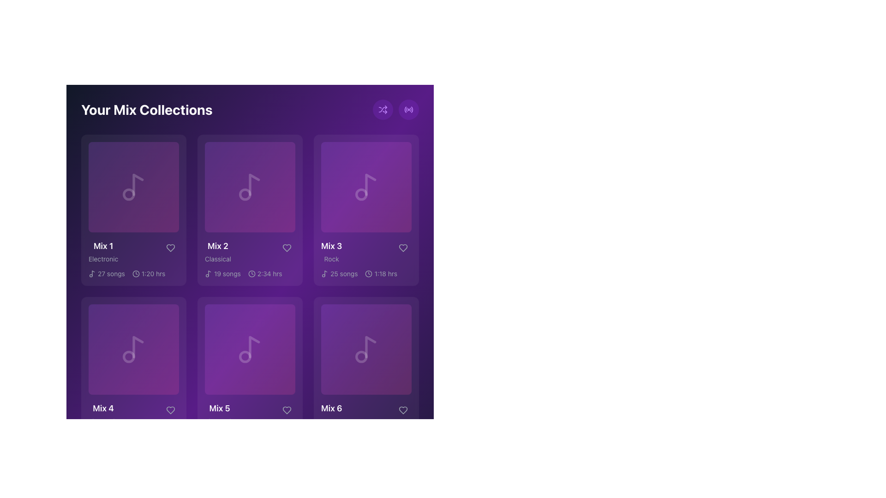  Describe the element at coordinates (103, 252) in the screenshot. I see `text label titled 'Mix 1' with genre 'Electronic' located in the top-left corner of the 'Your Mix Collections' grid layout` at that location.